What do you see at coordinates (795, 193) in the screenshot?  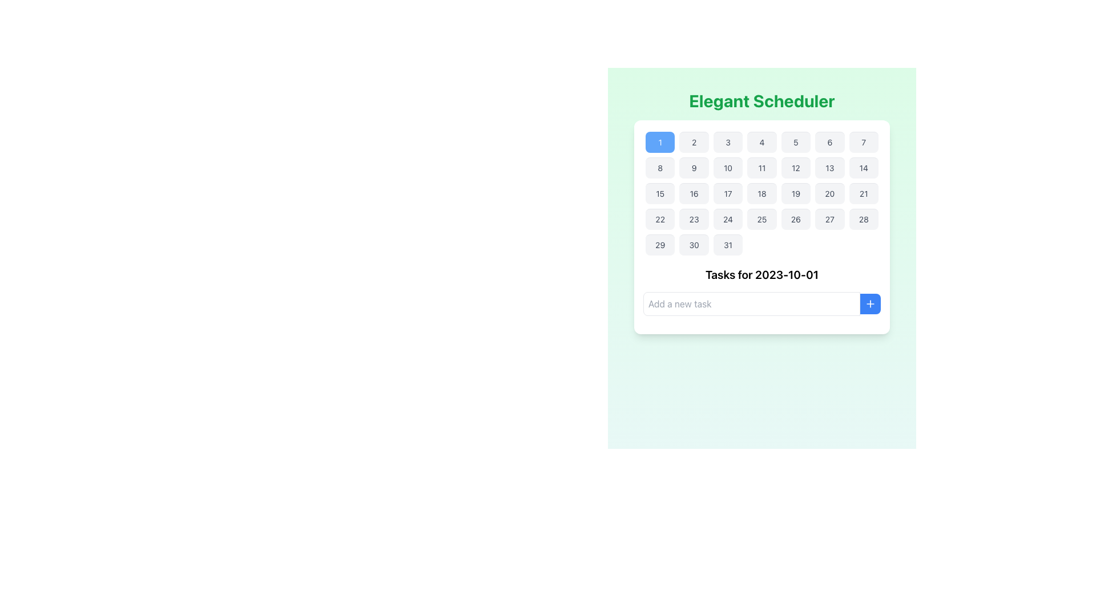 I see `the calendar date button located in the third row and fifth column of the grid` at bounding box center [795, 193].